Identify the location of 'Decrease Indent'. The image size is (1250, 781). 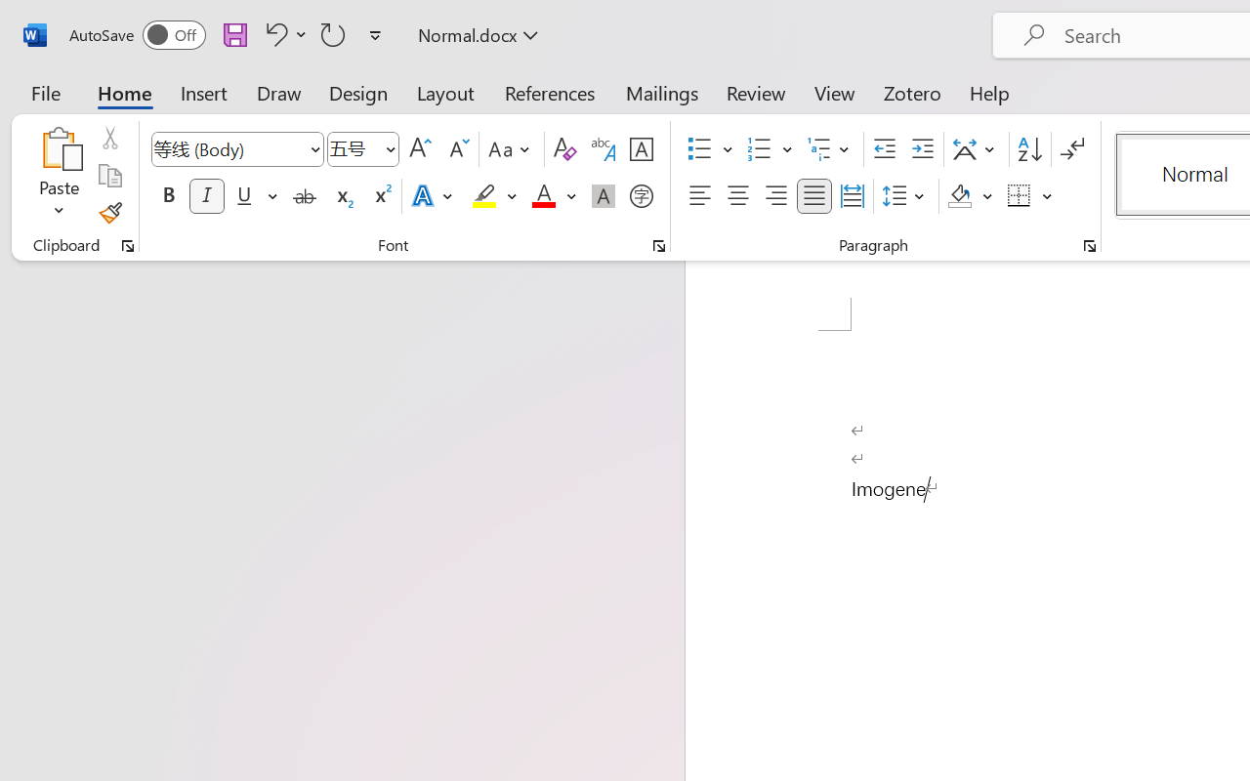
(884, 149).